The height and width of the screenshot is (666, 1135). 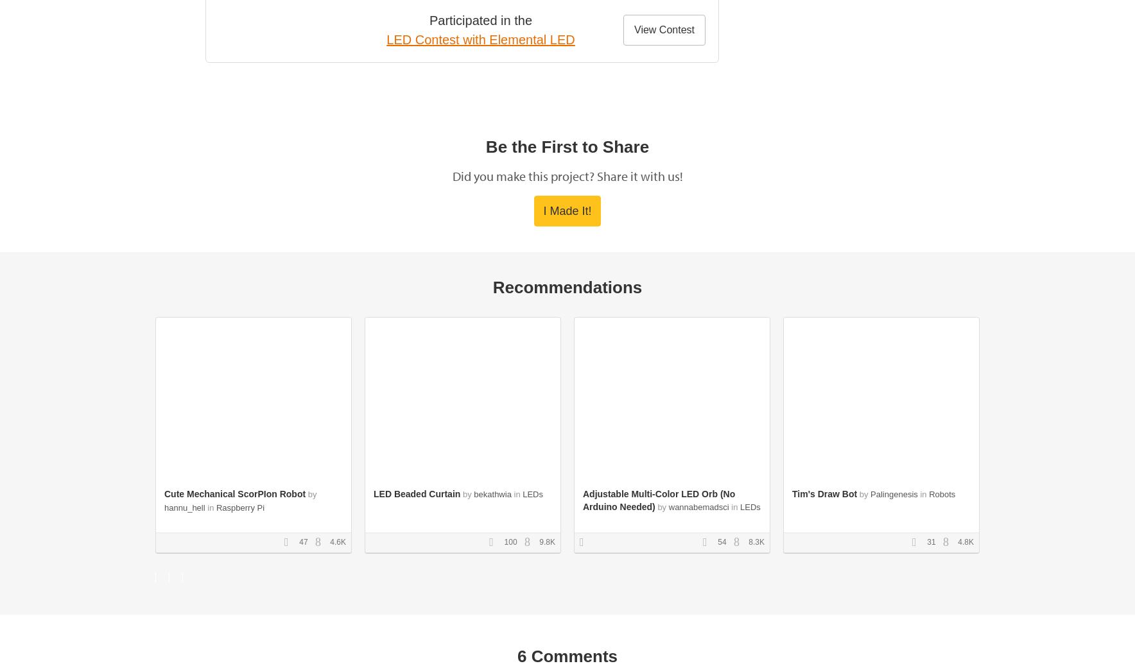 I want to click on '54', so click(x=721, y=542).